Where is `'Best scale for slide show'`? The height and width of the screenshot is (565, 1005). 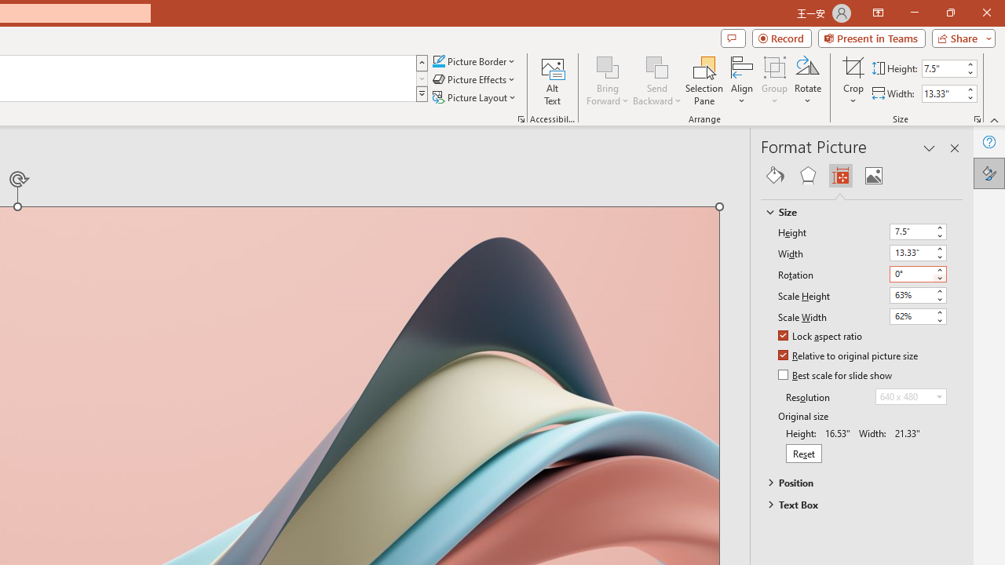 'Best scale for slide show' is located at coordinates (835, 376).